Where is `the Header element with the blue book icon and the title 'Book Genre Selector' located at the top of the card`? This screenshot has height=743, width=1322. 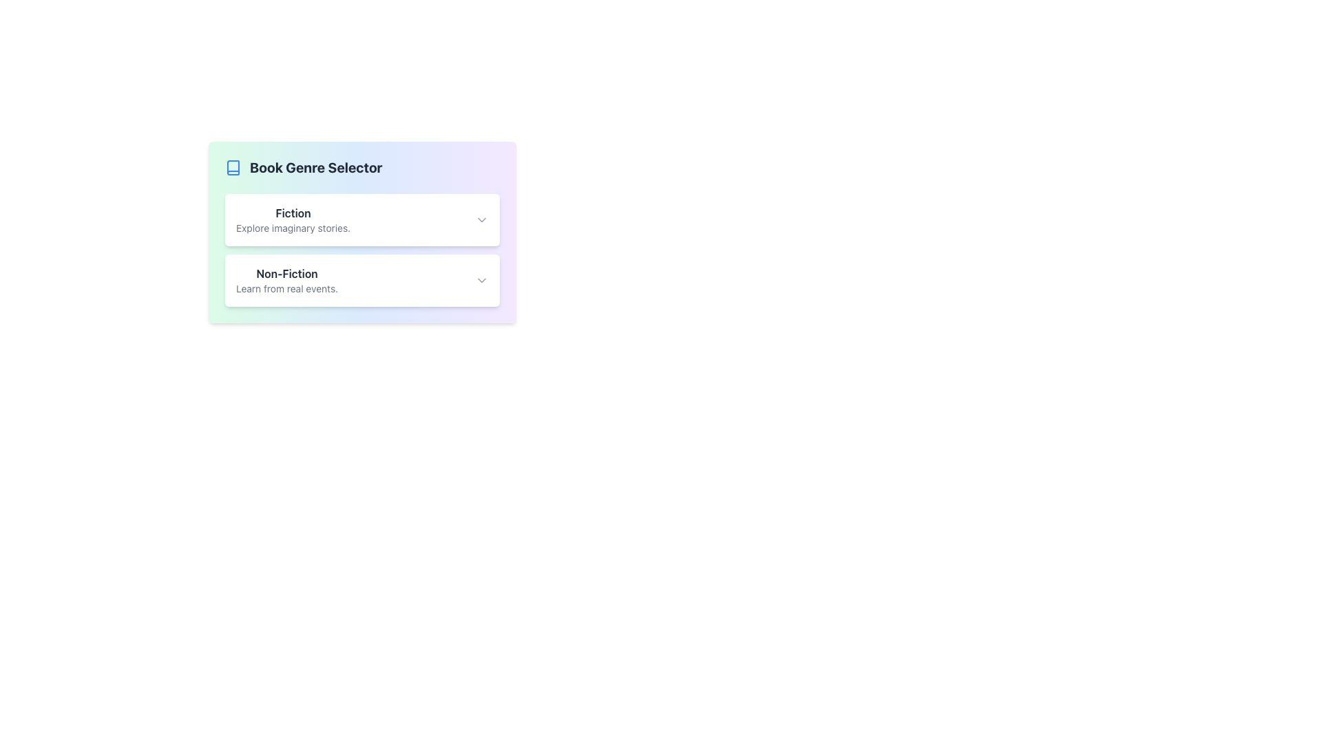
the Header element with the blue book icon and the title 'Book Genre Selector' located at the top of the card is located at coordinates (362, 166).